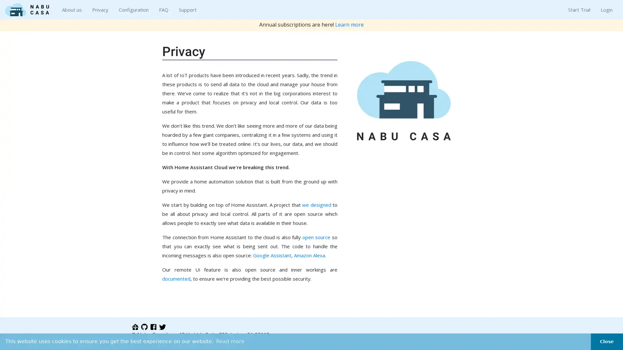 The image size is (623, 350). I want to click on learn more about cookies, so click(230, 341).